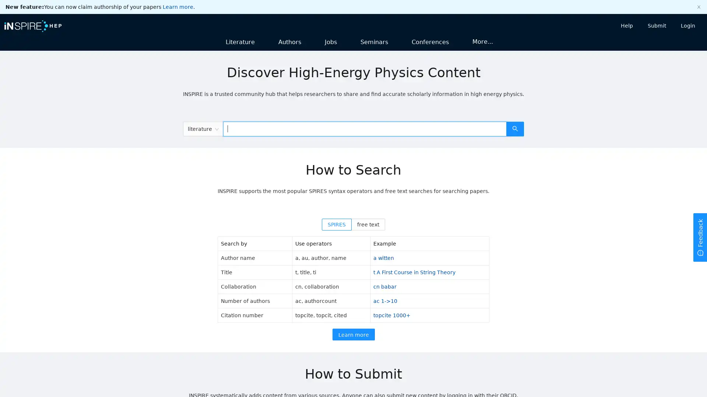 The height and width of the screenshot is (397, 707). I want to click on close, so click(698, 7).